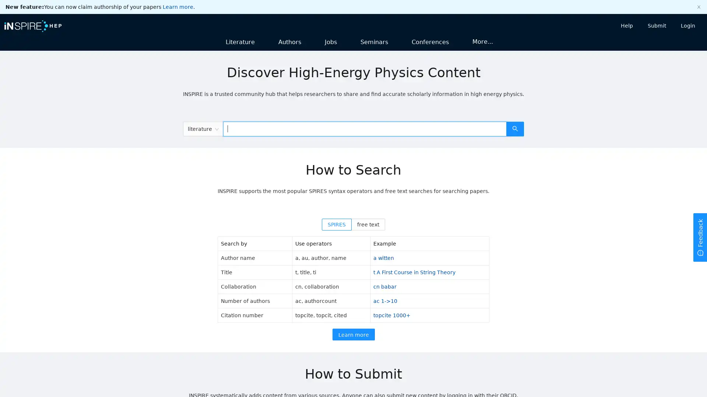 The height and width of the screenshot is (397, 707). I want to click on close, so click(698, 7).